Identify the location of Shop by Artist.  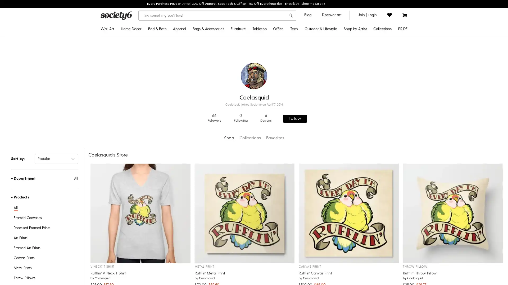
(355, 29).